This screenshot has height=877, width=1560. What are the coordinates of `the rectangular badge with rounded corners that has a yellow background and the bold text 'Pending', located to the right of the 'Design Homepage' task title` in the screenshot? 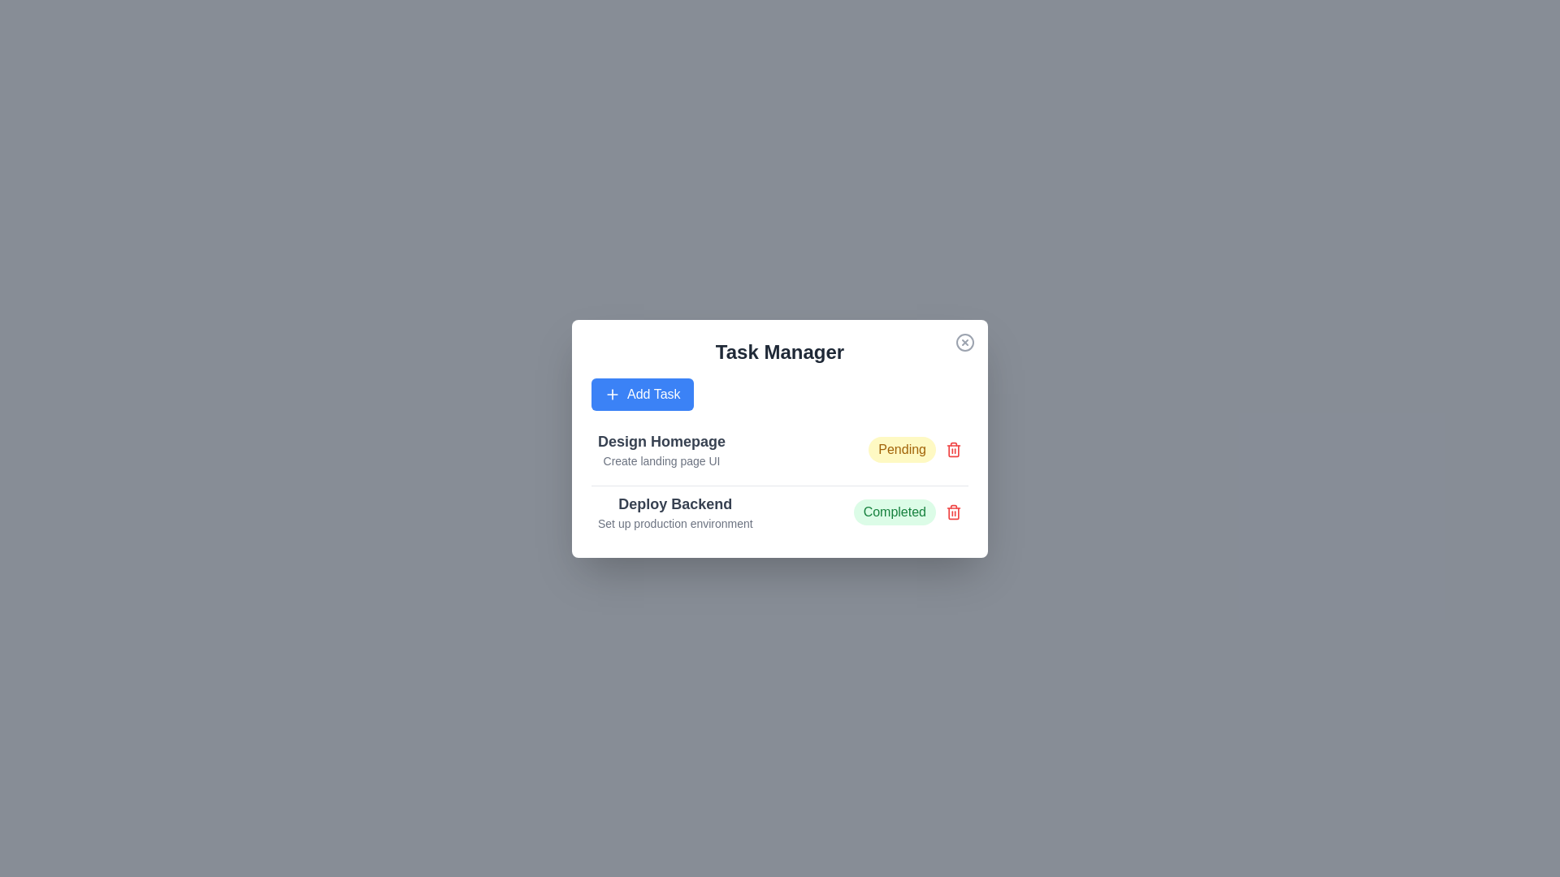 It's located at (901, 449).